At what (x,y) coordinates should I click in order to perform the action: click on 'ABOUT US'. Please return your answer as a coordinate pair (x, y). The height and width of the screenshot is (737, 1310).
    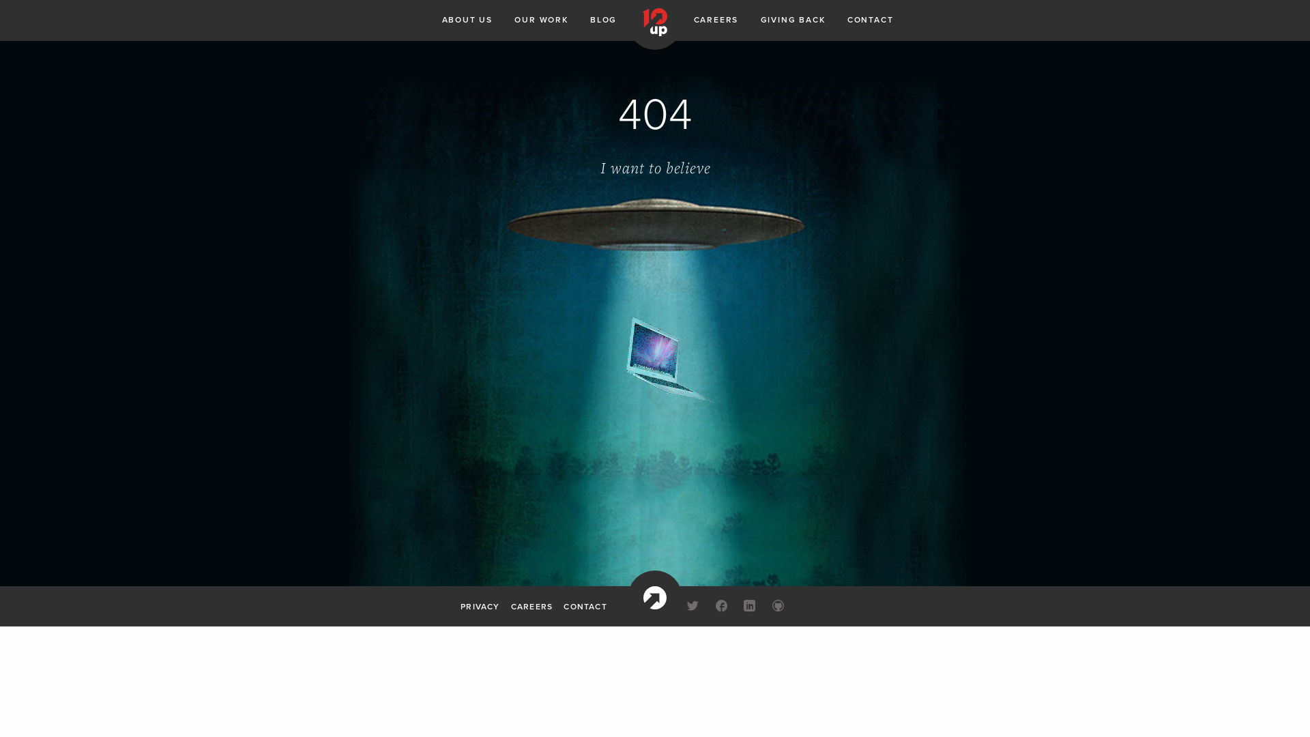
    Looking at the image, I should click on (467, 20).